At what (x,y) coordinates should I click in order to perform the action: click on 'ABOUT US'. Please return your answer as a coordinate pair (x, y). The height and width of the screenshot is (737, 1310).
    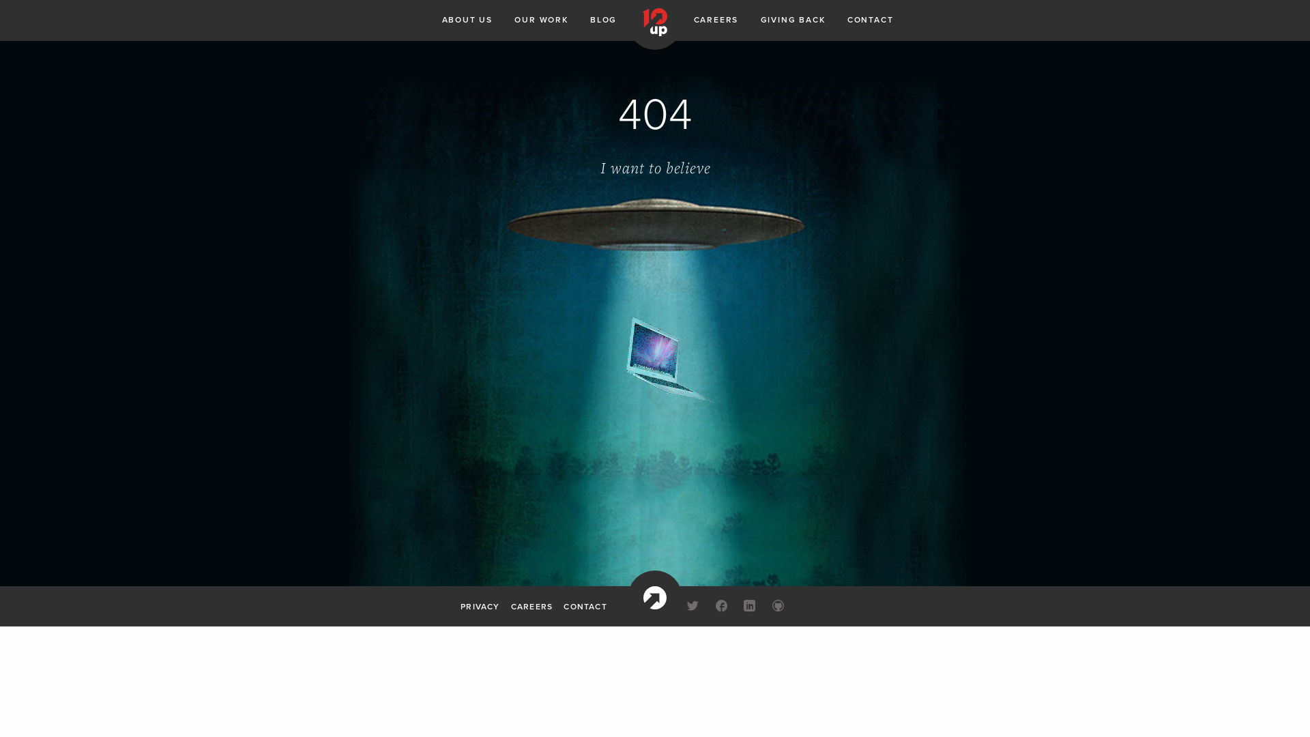
    Looking at the image, I should click on (467, 20).